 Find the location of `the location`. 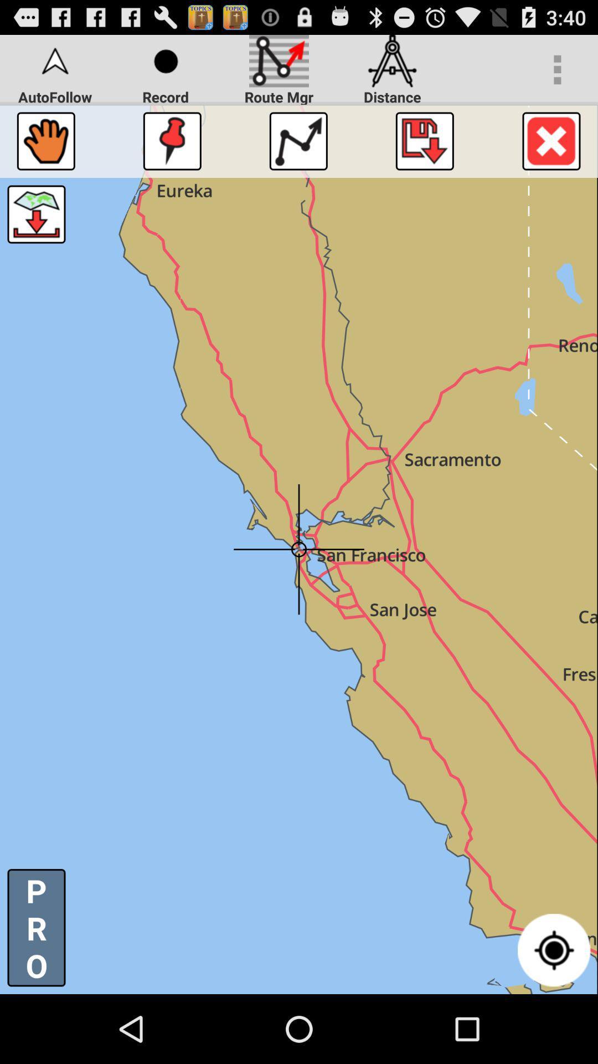

the location is located at coordinates (424, 140).